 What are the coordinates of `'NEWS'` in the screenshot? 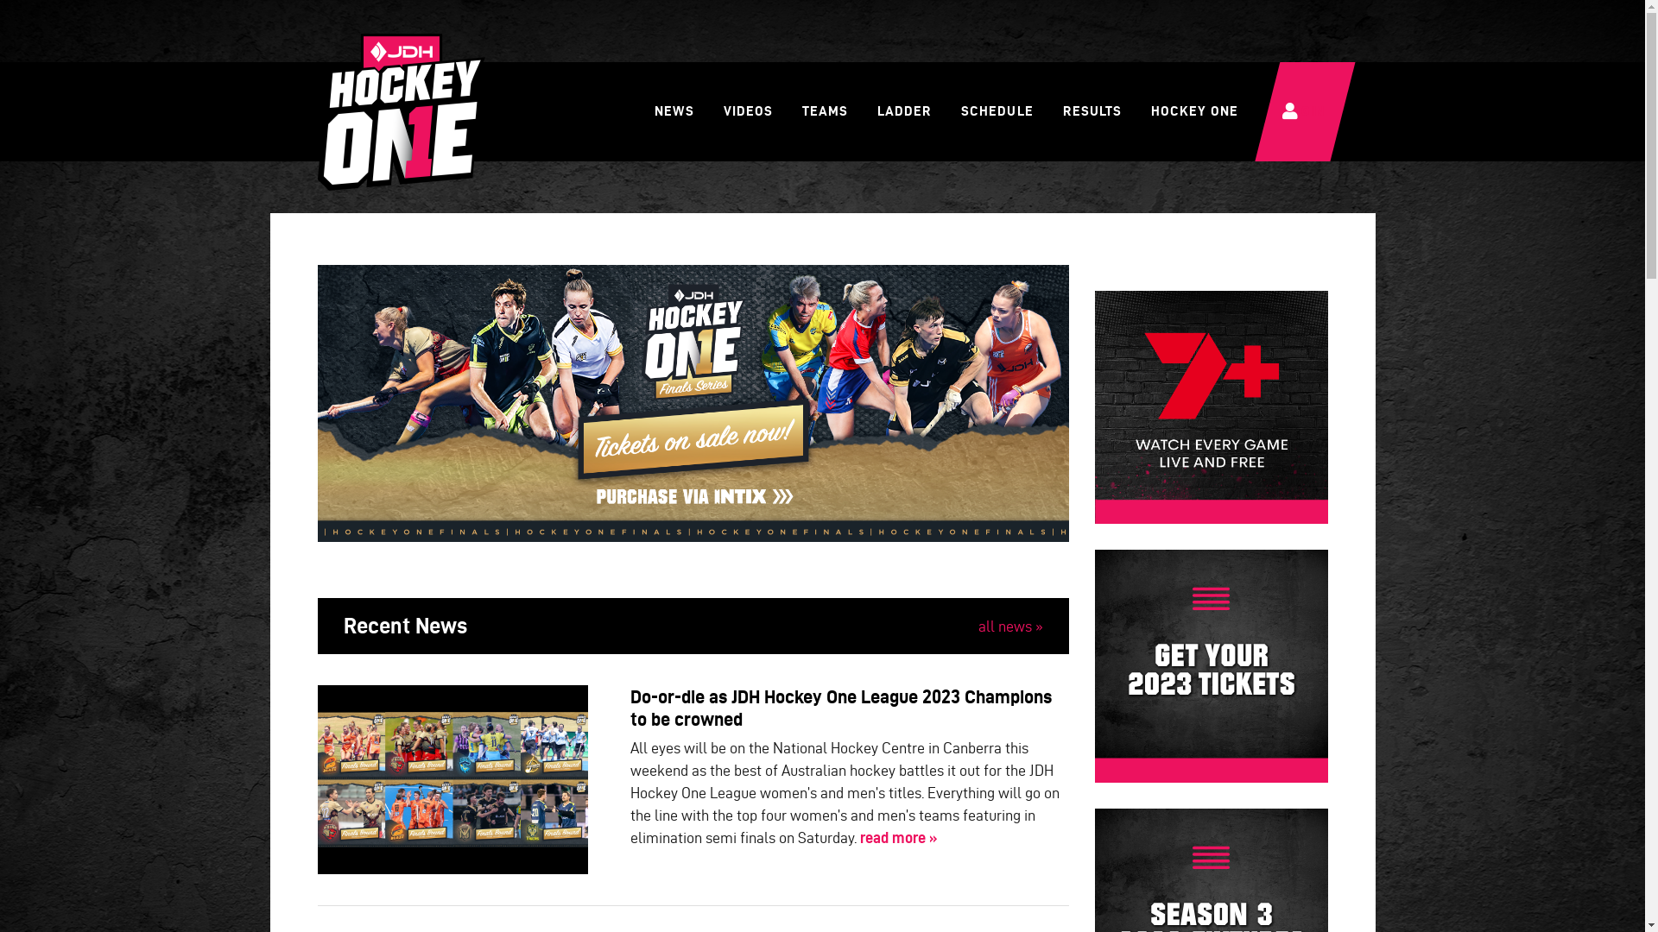 It's located at (641, 111).